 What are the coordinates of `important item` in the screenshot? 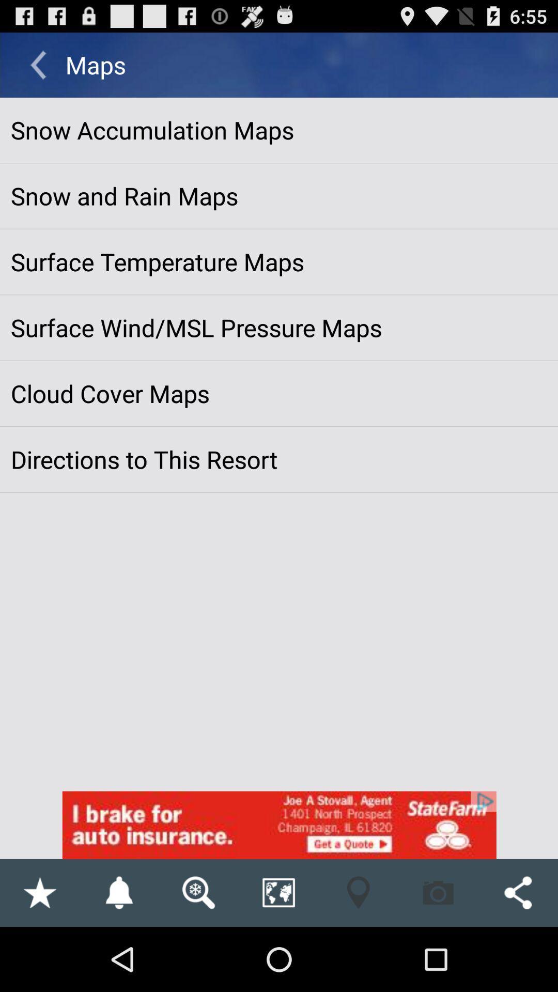 It's located at (39, 892).